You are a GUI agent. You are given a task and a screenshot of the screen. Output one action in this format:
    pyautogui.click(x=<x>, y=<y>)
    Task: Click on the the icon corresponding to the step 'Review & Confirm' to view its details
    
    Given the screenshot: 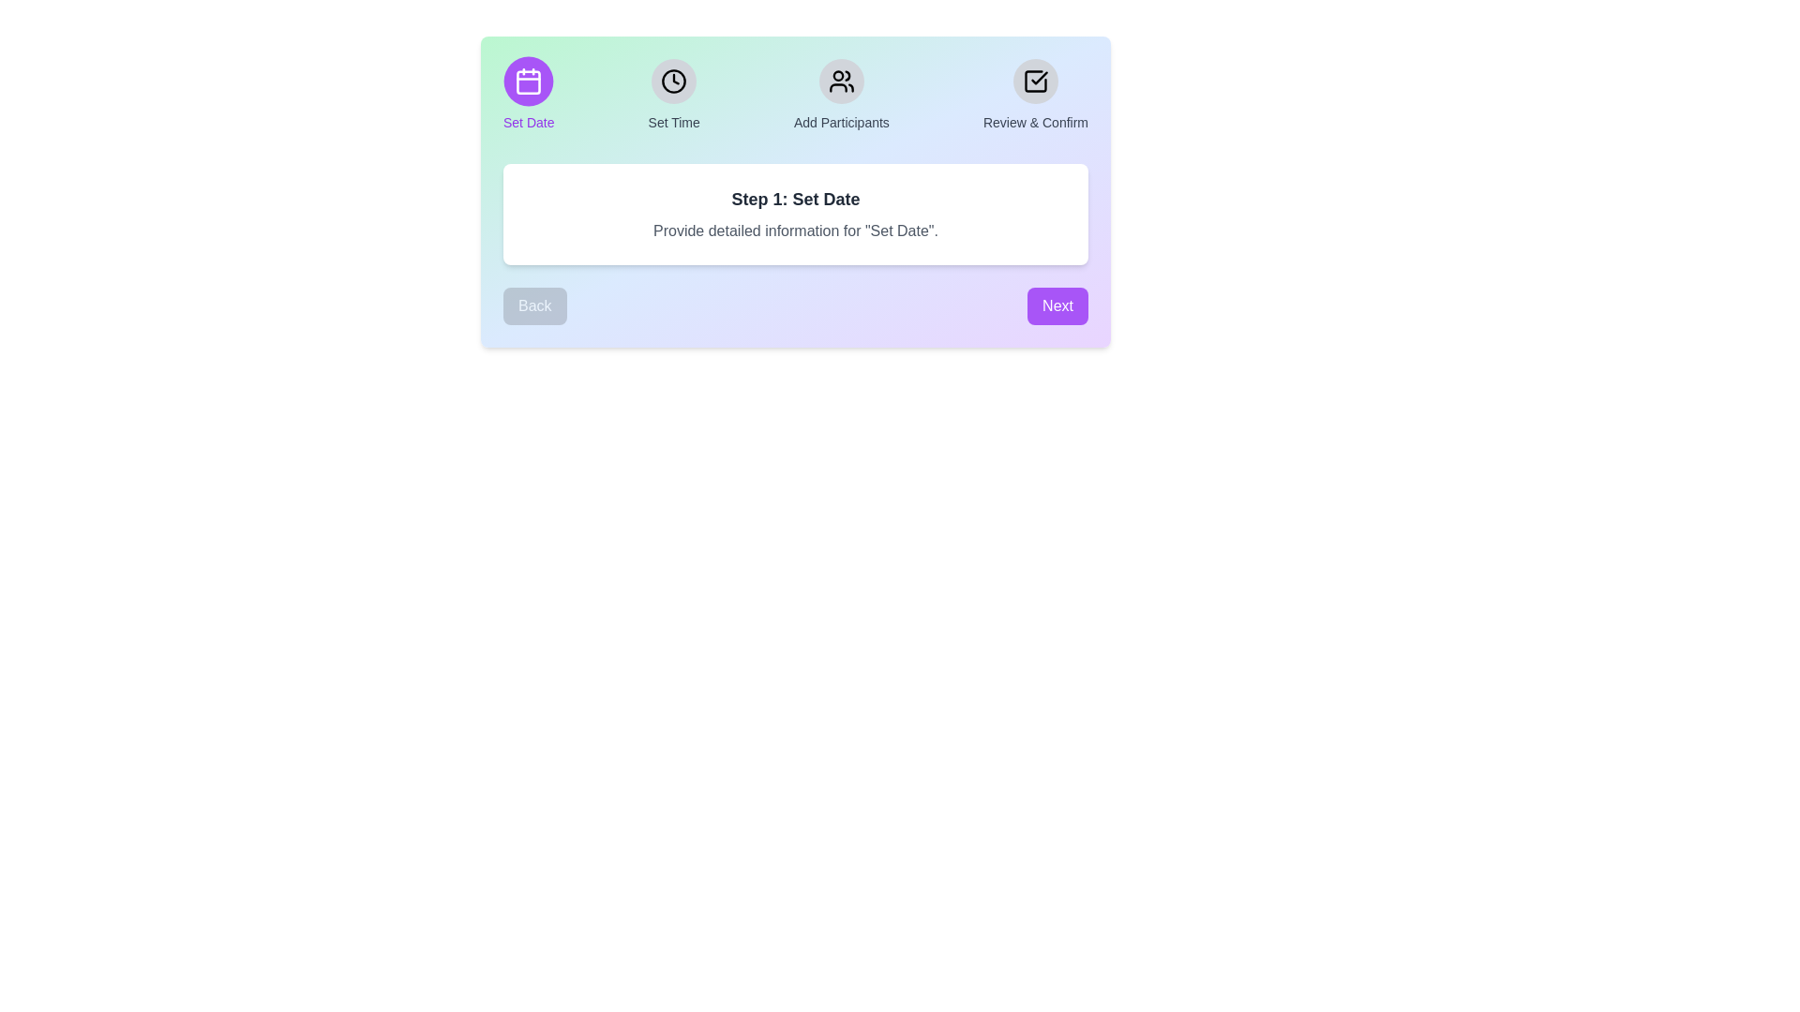 What is the action you would take?
    pyautogui.click(x=1034, y=81)
    